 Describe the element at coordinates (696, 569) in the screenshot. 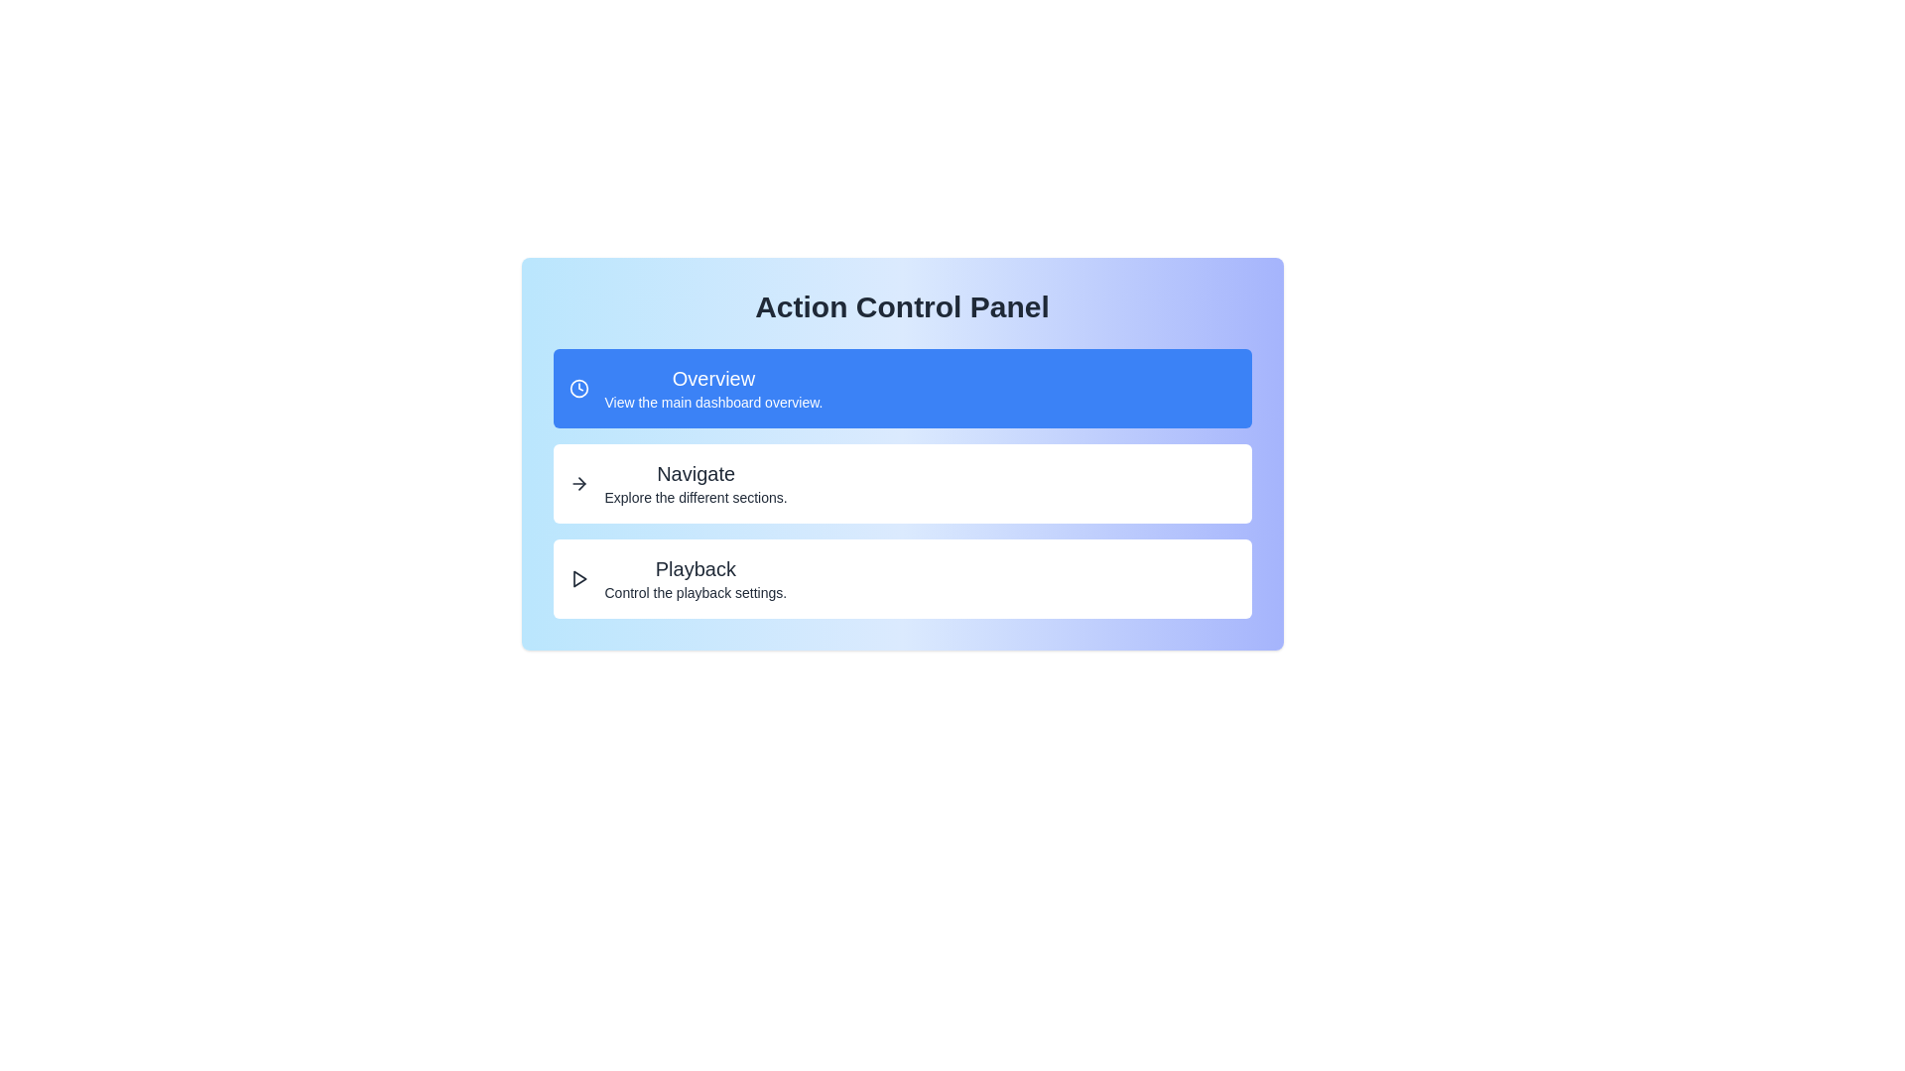

I see `the Text label that serves as a header for playback functionality within the Action Control Panel, located in the top-center of its card` at that location.